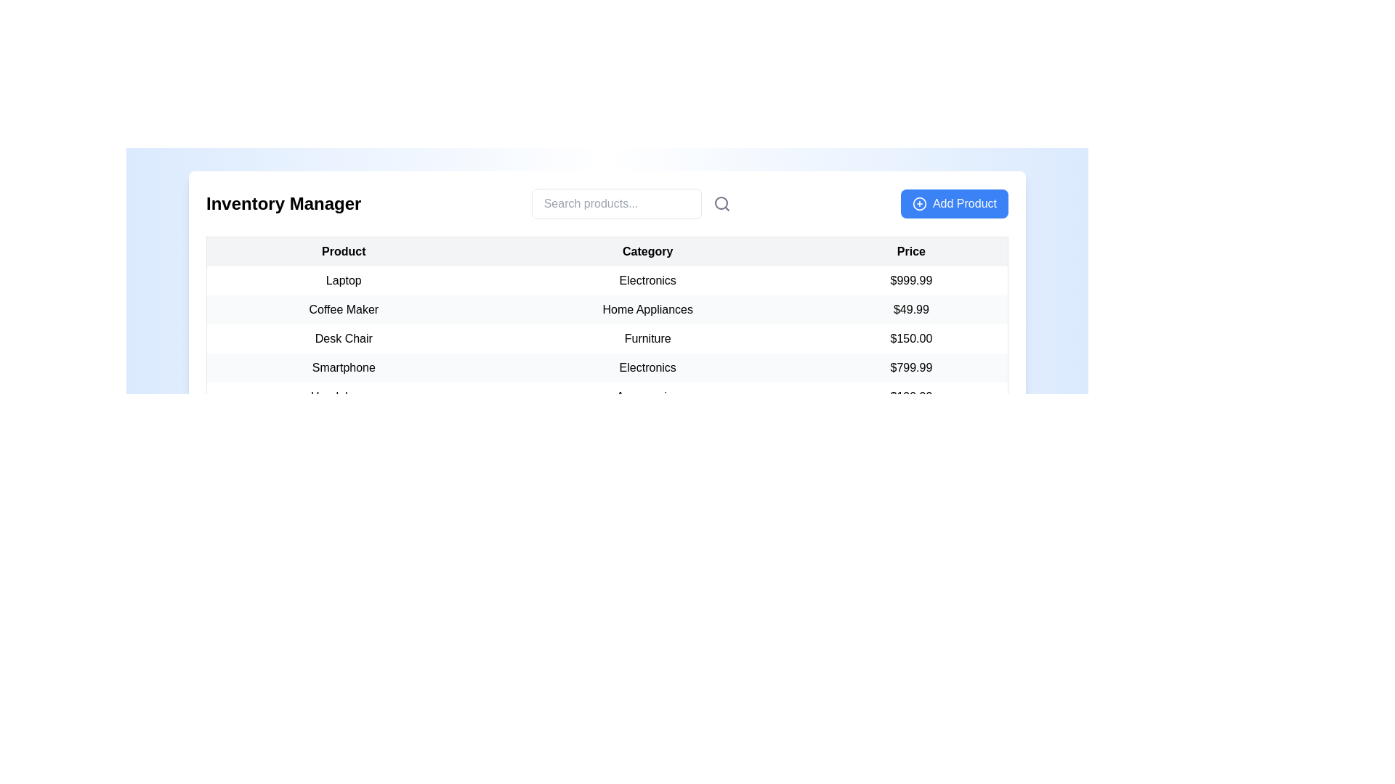 The image size is (1395, 784). I want to click on the search icon located to the immediate right of the text input field with the placeholder 'Search products...' to initiate a search, so click(721, 204).